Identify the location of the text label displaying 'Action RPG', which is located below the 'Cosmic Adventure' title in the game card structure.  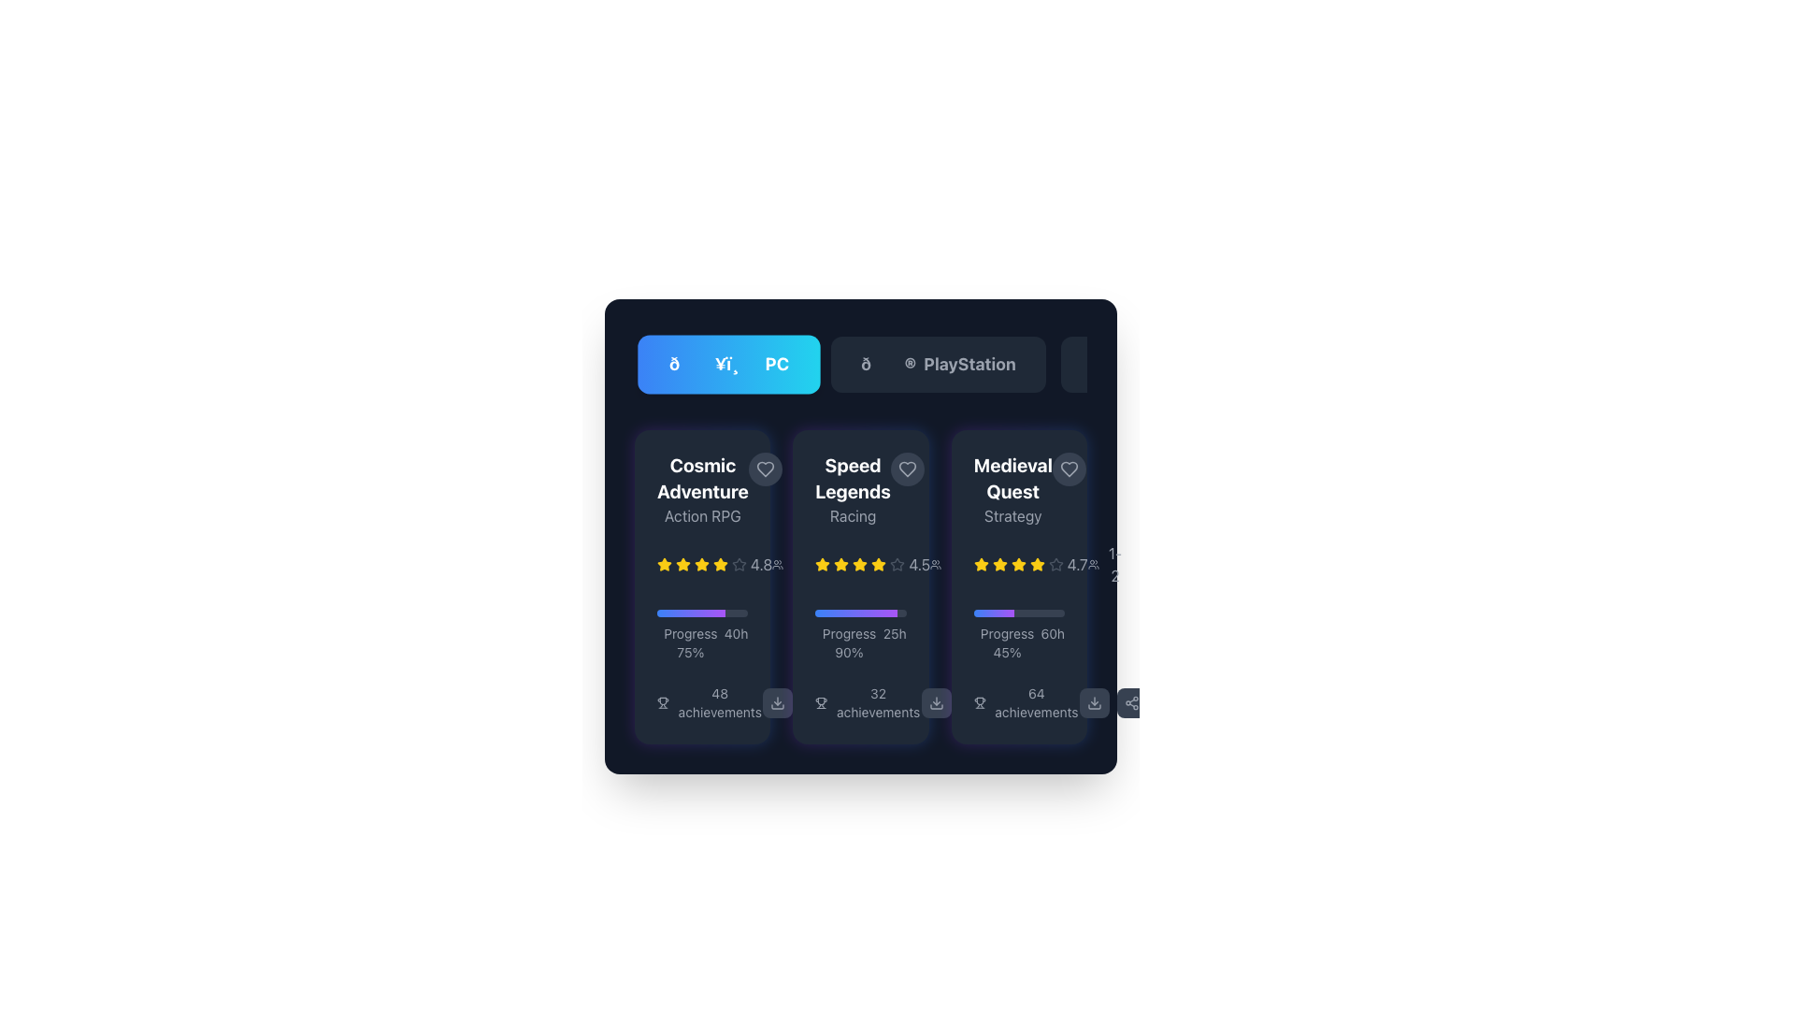
(701, 515).